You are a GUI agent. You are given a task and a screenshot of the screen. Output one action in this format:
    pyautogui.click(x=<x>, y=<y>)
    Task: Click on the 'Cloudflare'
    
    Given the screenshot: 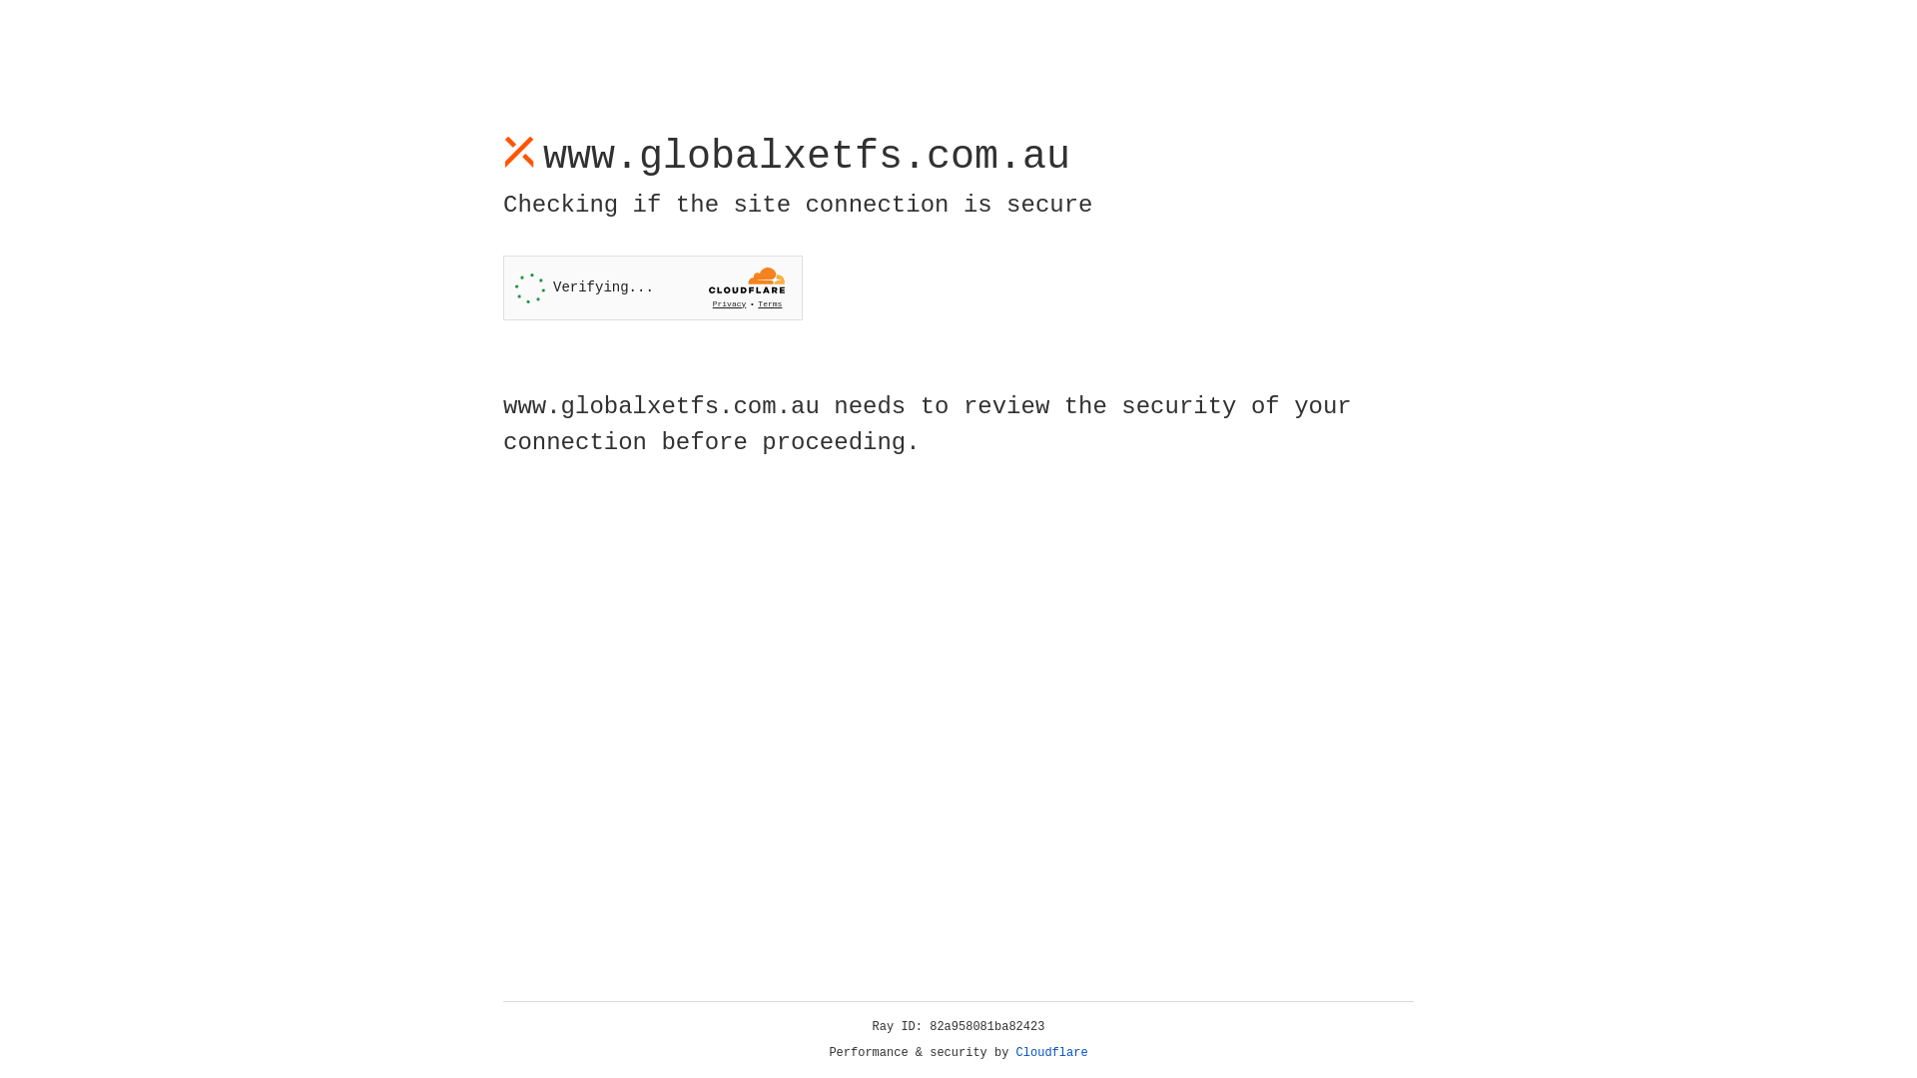 What is the action you would take?
    pyautogui.click(x=1015, y=1052)
    